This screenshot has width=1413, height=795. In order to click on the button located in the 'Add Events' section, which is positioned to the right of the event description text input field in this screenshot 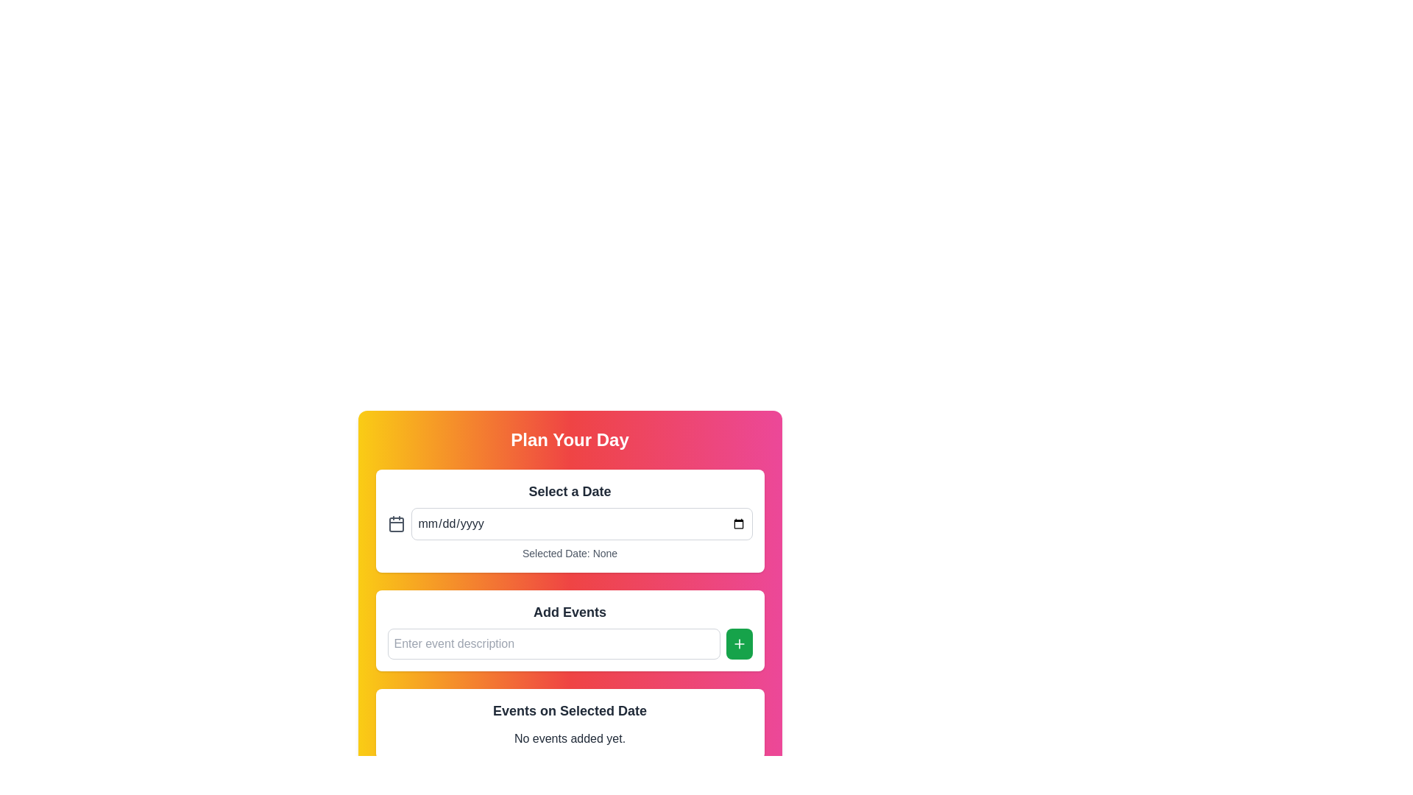, I will do `click(739, 643)`.